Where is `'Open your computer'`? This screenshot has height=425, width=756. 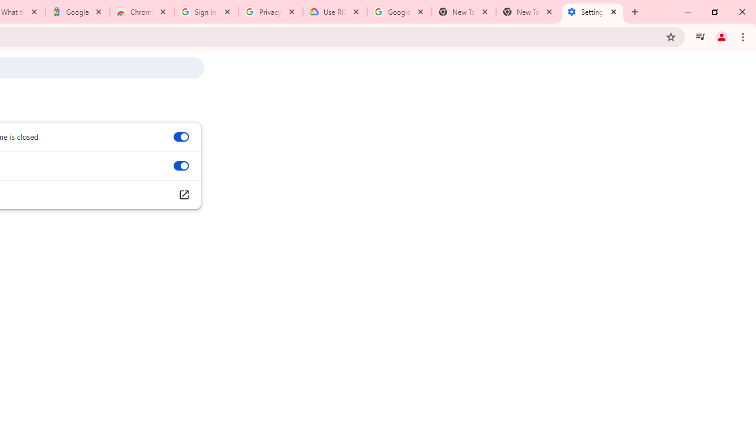
'Open your computer' is located at coordinates (183, 194).